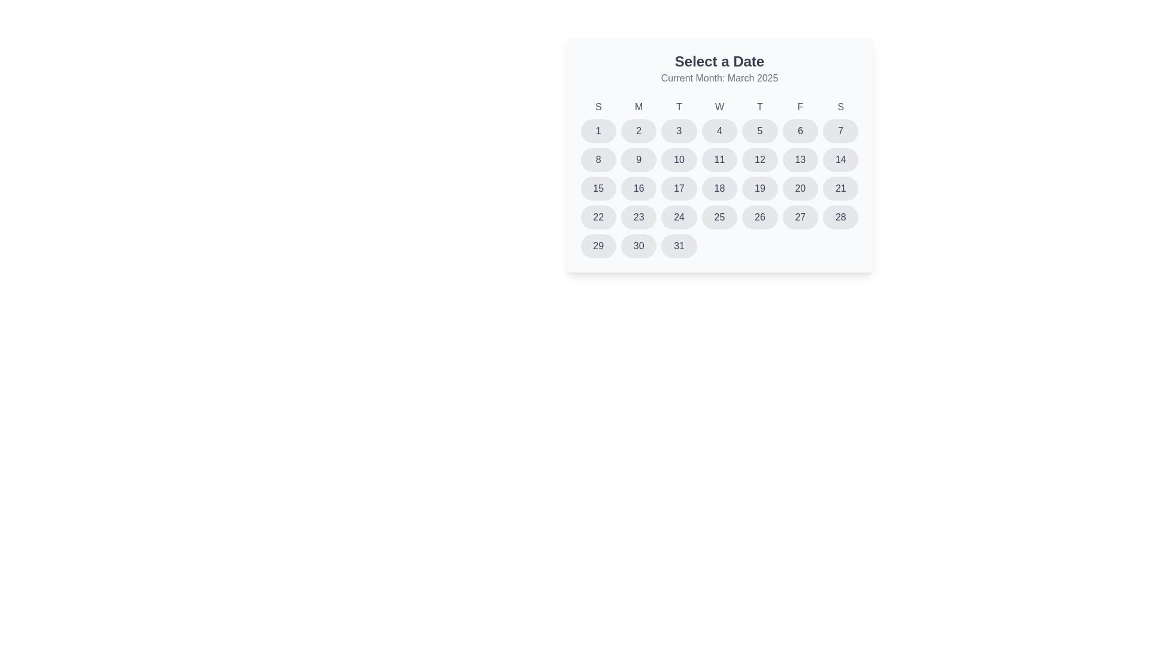 The width and height of the screenshot is (1150, 647). Describe the element at coordinates (638, 131) in the screenshot. I see `the button representing the number '2' in the calendar interface to change its background color` at that location.